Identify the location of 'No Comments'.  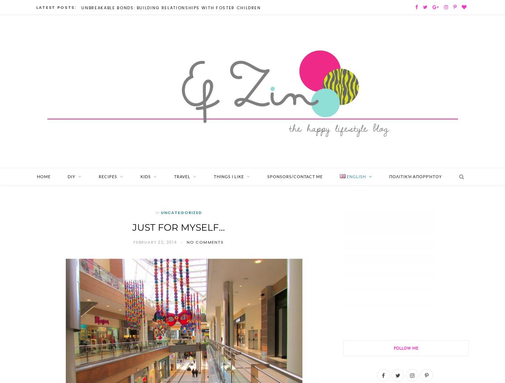
(205, 242).